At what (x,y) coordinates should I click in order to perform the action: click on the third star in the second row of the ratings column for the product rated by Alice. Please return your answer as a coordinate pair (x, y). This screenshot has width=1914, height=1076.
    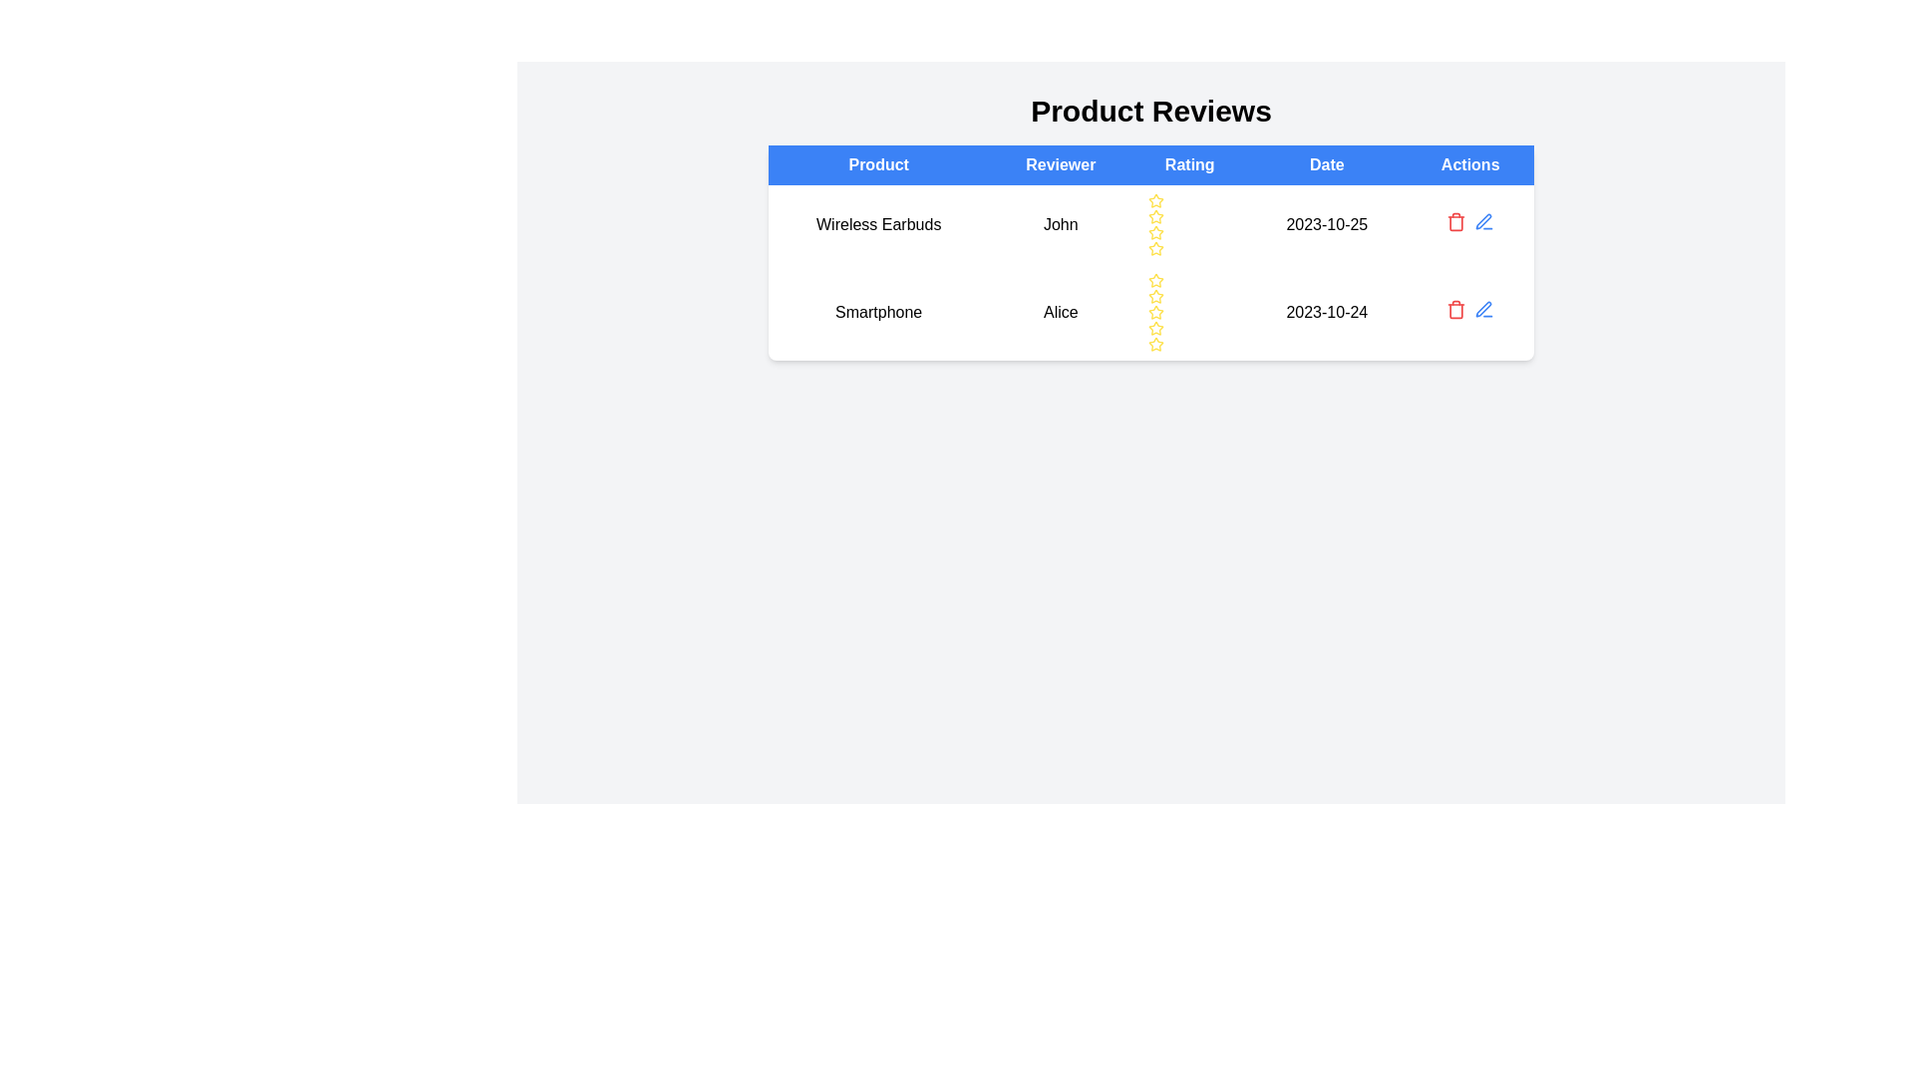
    Looking at the image, I should click on (1156, 312).